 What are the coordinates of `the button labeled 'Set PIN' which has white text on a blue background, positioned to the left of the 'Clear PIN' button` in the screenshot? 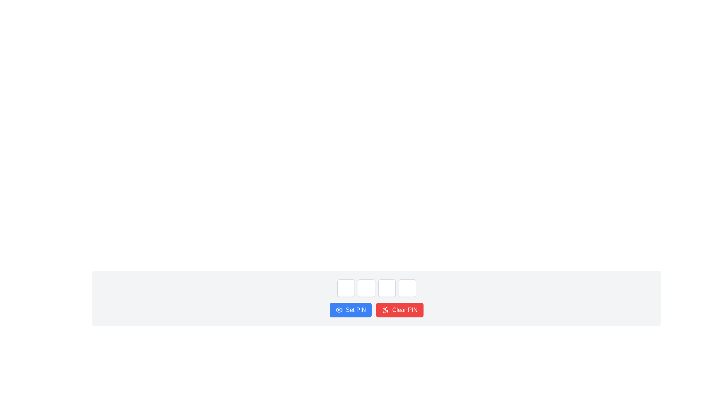 It's located at (356, 310).